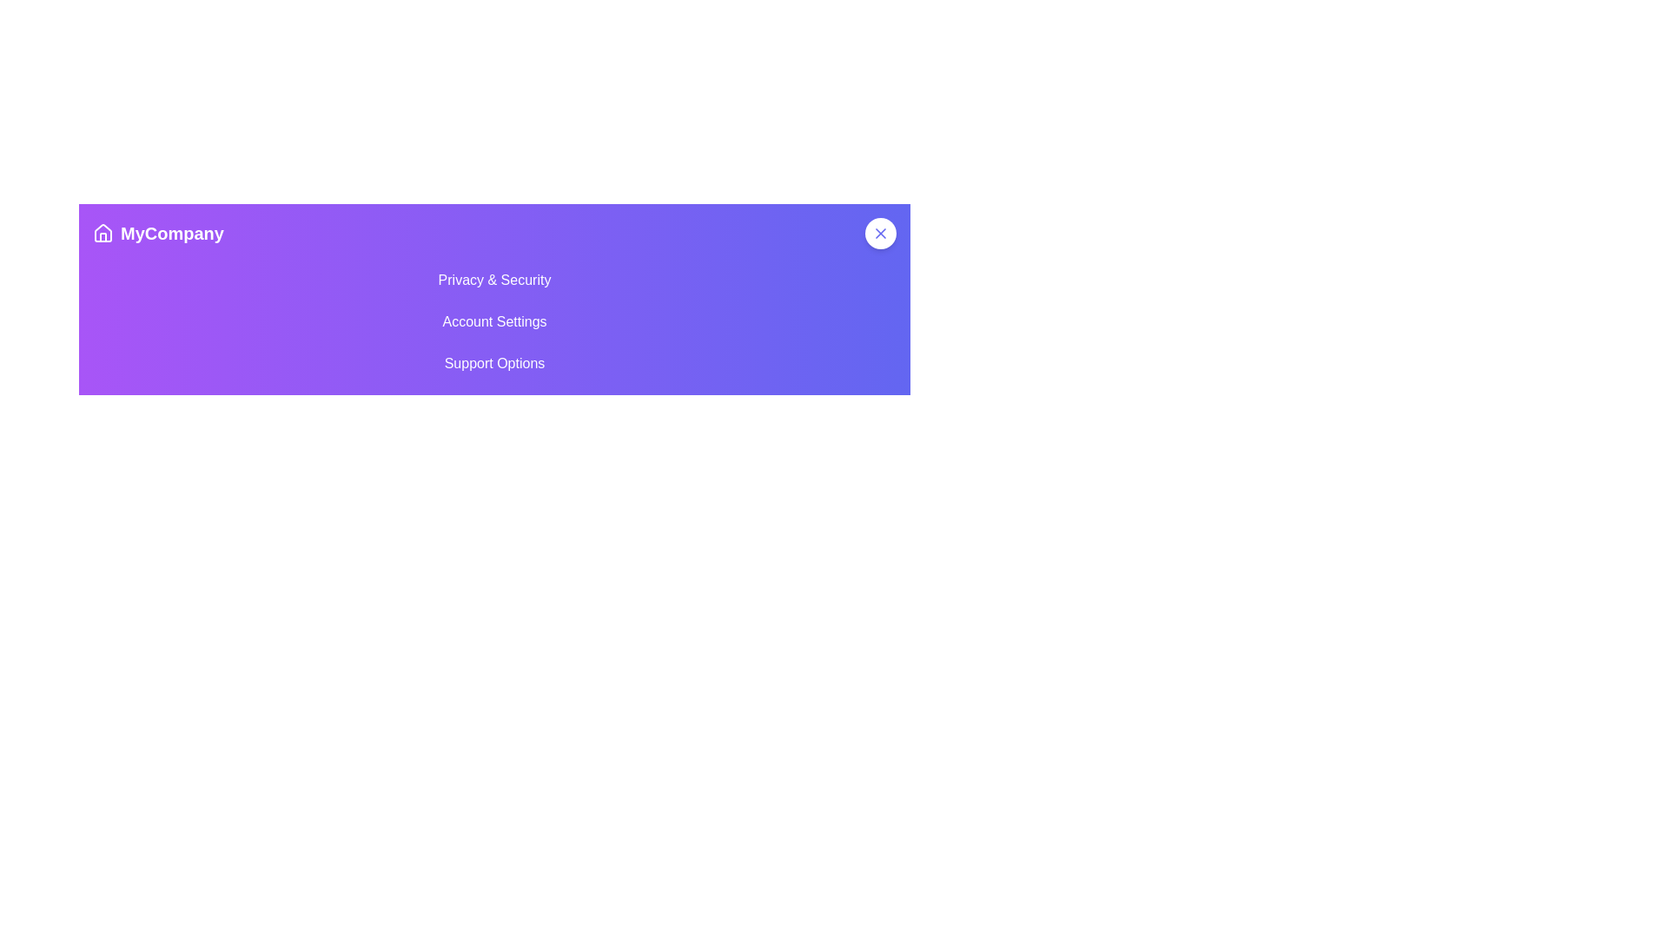 The image size is (1668, 938). Describe the element at coordinates (493, 363) in the screenshot. I see `the 'Support Options' menu item` at that location.